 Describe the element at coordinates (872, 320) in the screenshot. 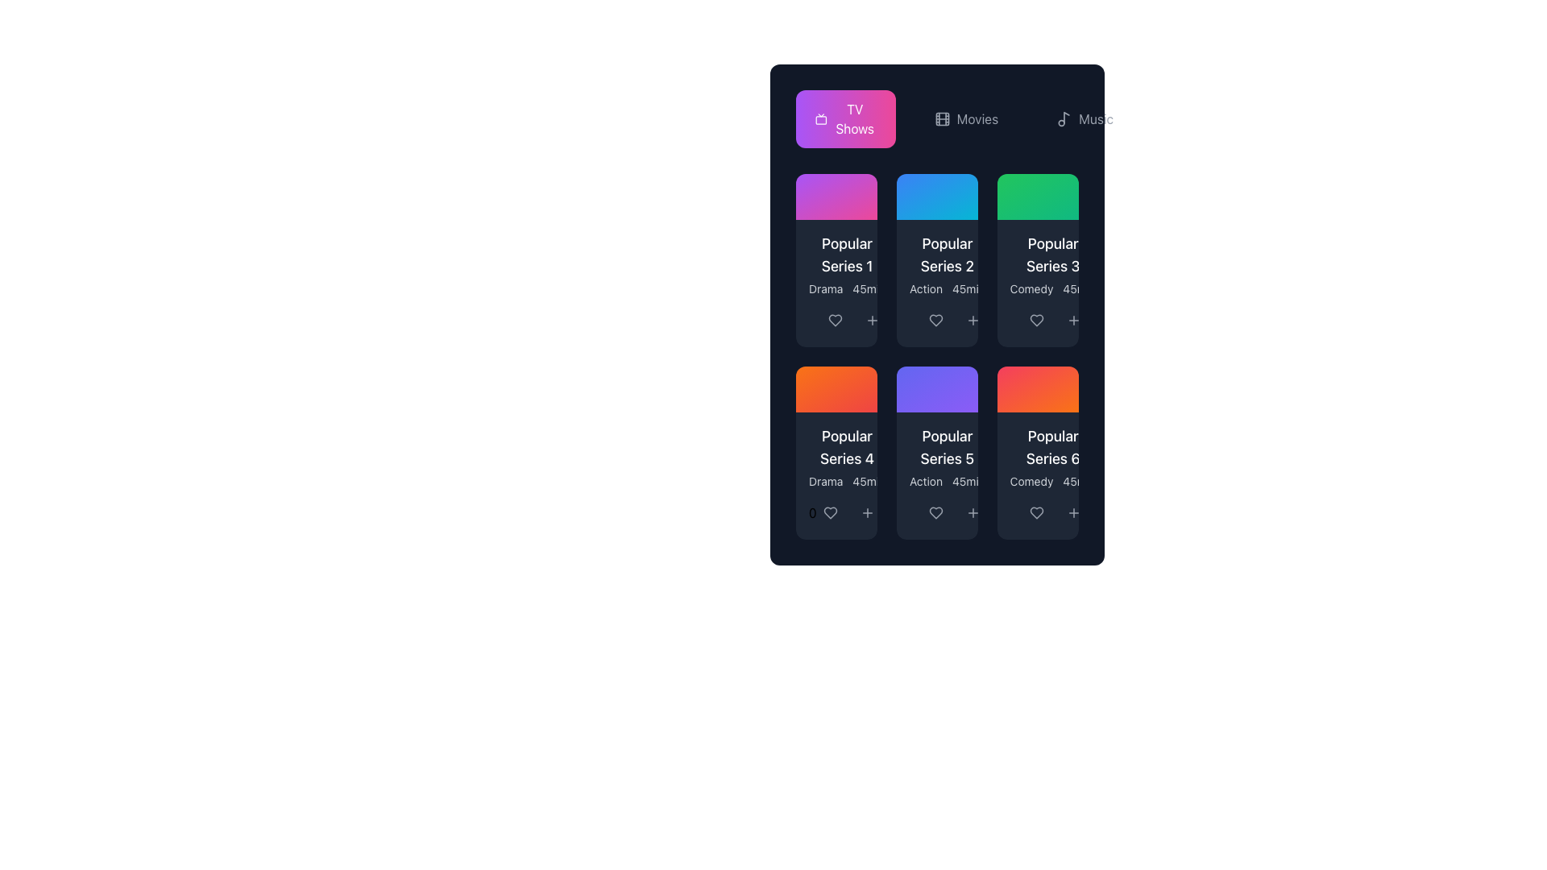

I see `the addition button located to the right of the heart icon in the bottom section of the card labeled 'Popular Series 2' for keyboard navigation` at that location.